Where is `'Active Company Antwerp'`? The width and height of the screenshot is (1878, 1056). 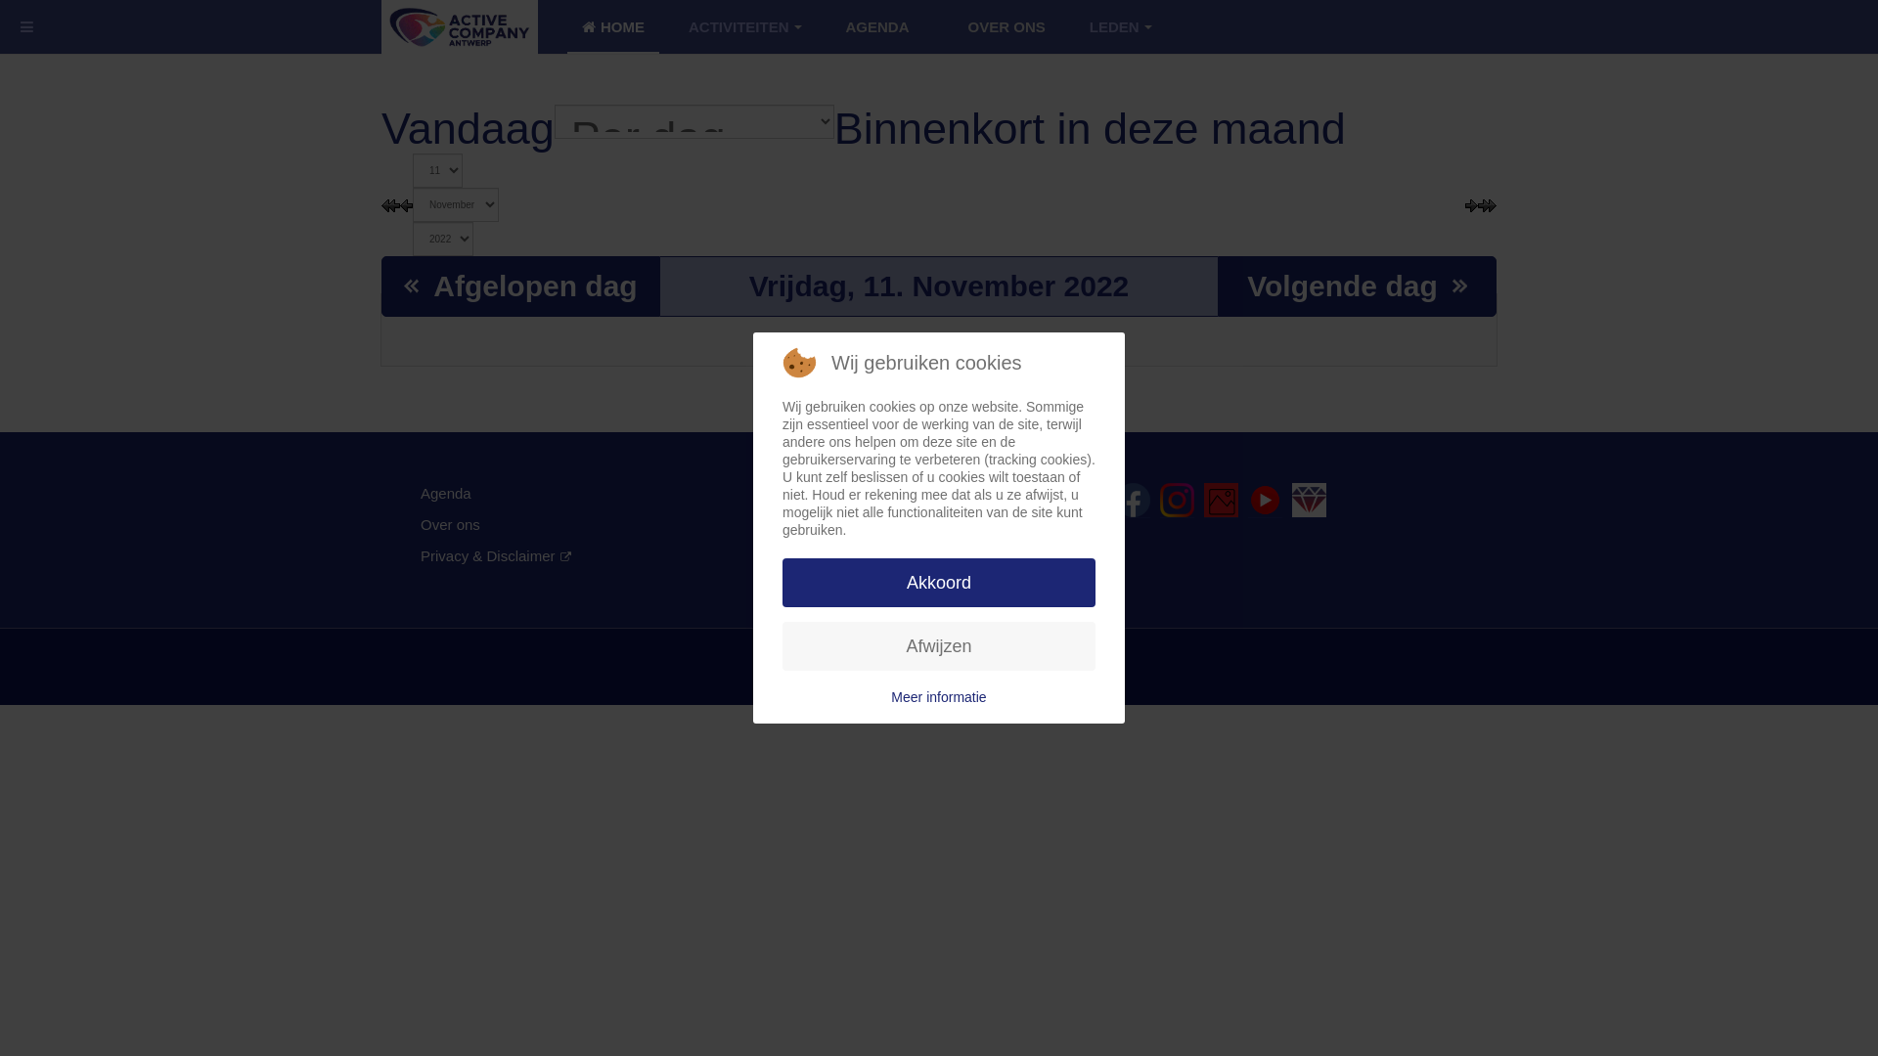
'Active Company Antwerp' is located at coordinates (380, 26).